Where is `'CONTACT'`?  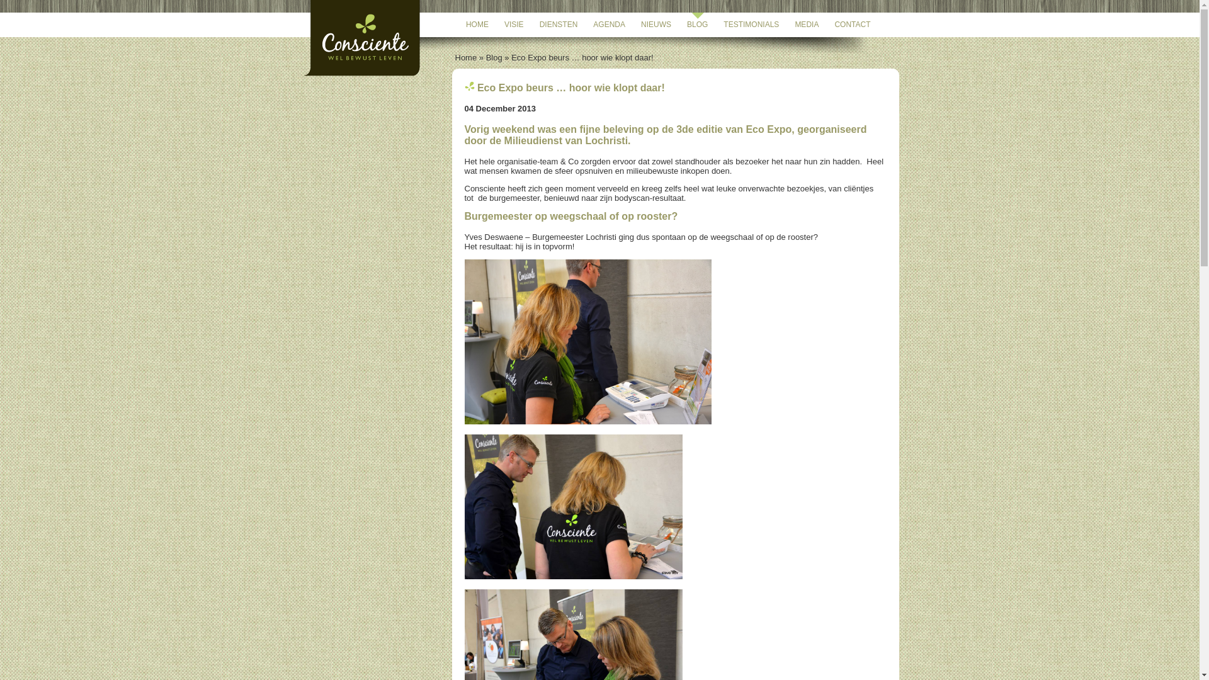 'CONTACT' is located at coordinates (834, 25).